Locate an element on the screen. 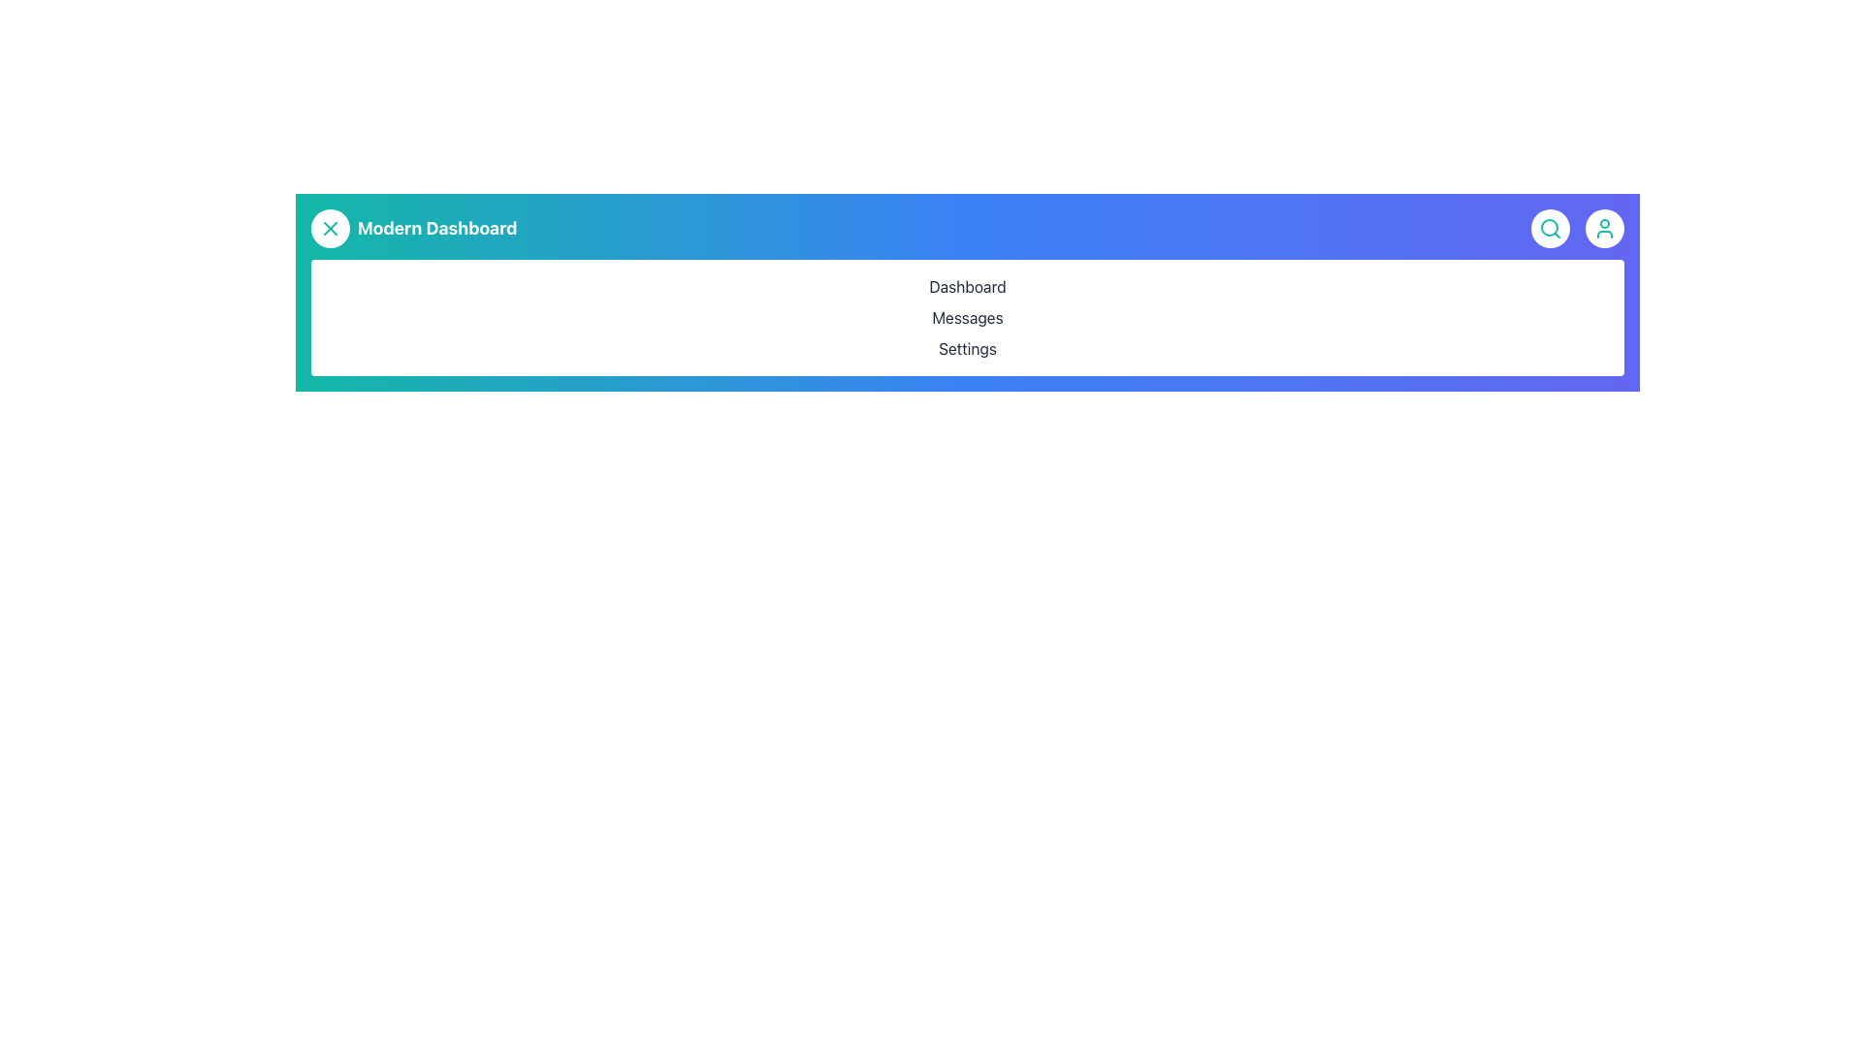 The height and width of the screenshot is (1047, 1862). the text label displaying the title 'Modern Dashboard' located in the blue gradient header is located at coordinates (436, 227).